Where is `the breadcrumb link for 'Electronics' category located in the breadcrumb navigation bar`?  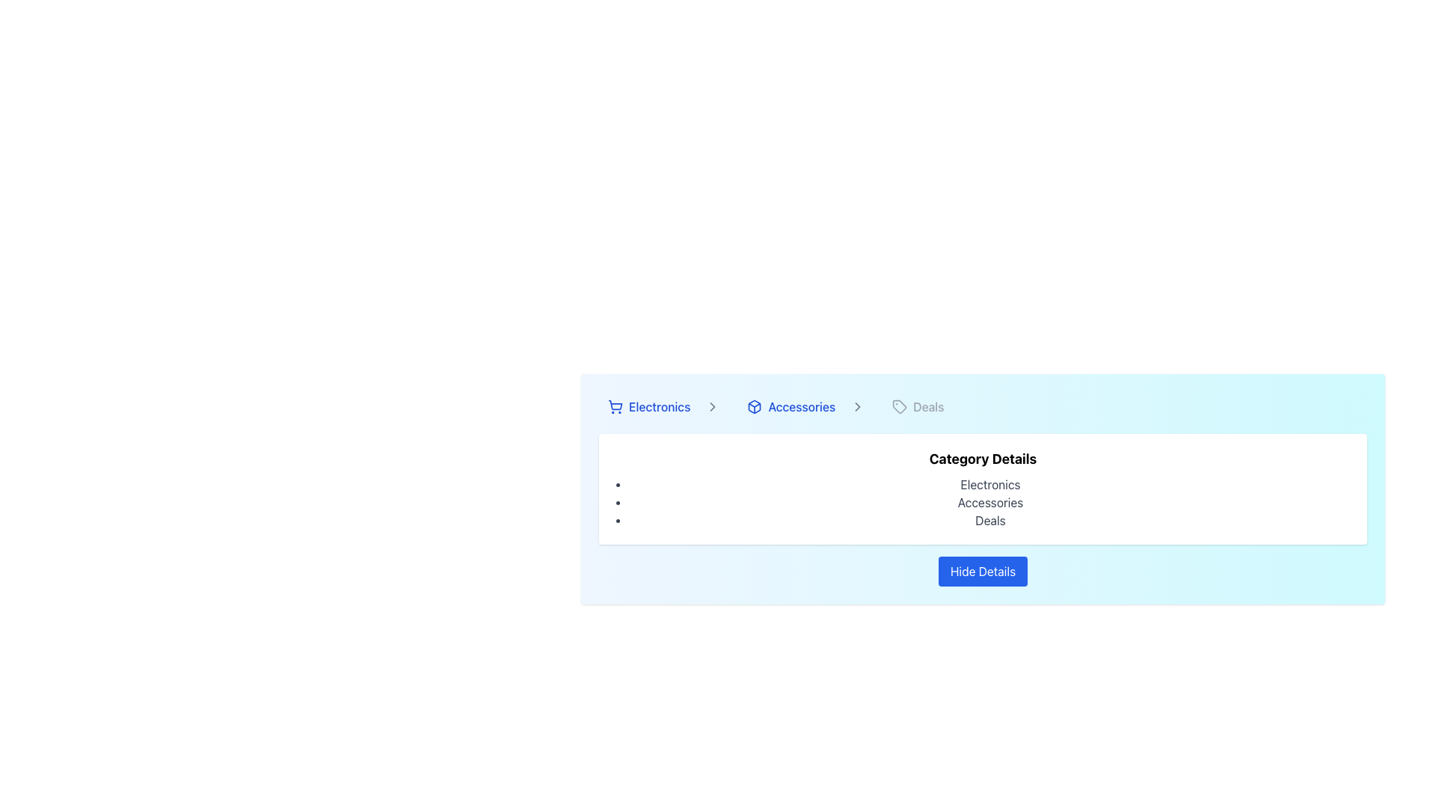
the breadcrumb link for 'Electronics' category located in the breadcrumb navigation bar is located at coordinates (649, 406).